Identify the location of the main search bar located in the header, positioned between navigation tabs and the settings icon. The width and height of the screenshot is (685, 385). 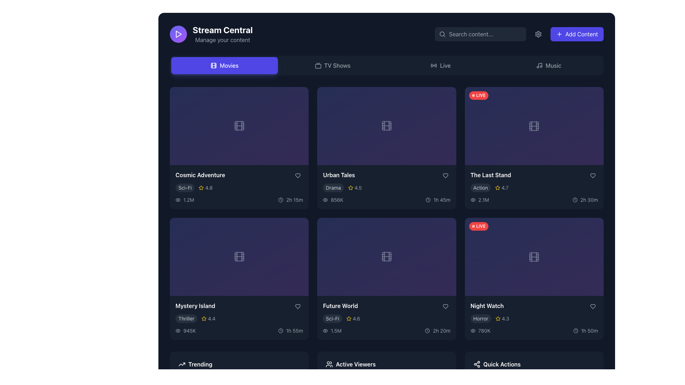
(480, 34).